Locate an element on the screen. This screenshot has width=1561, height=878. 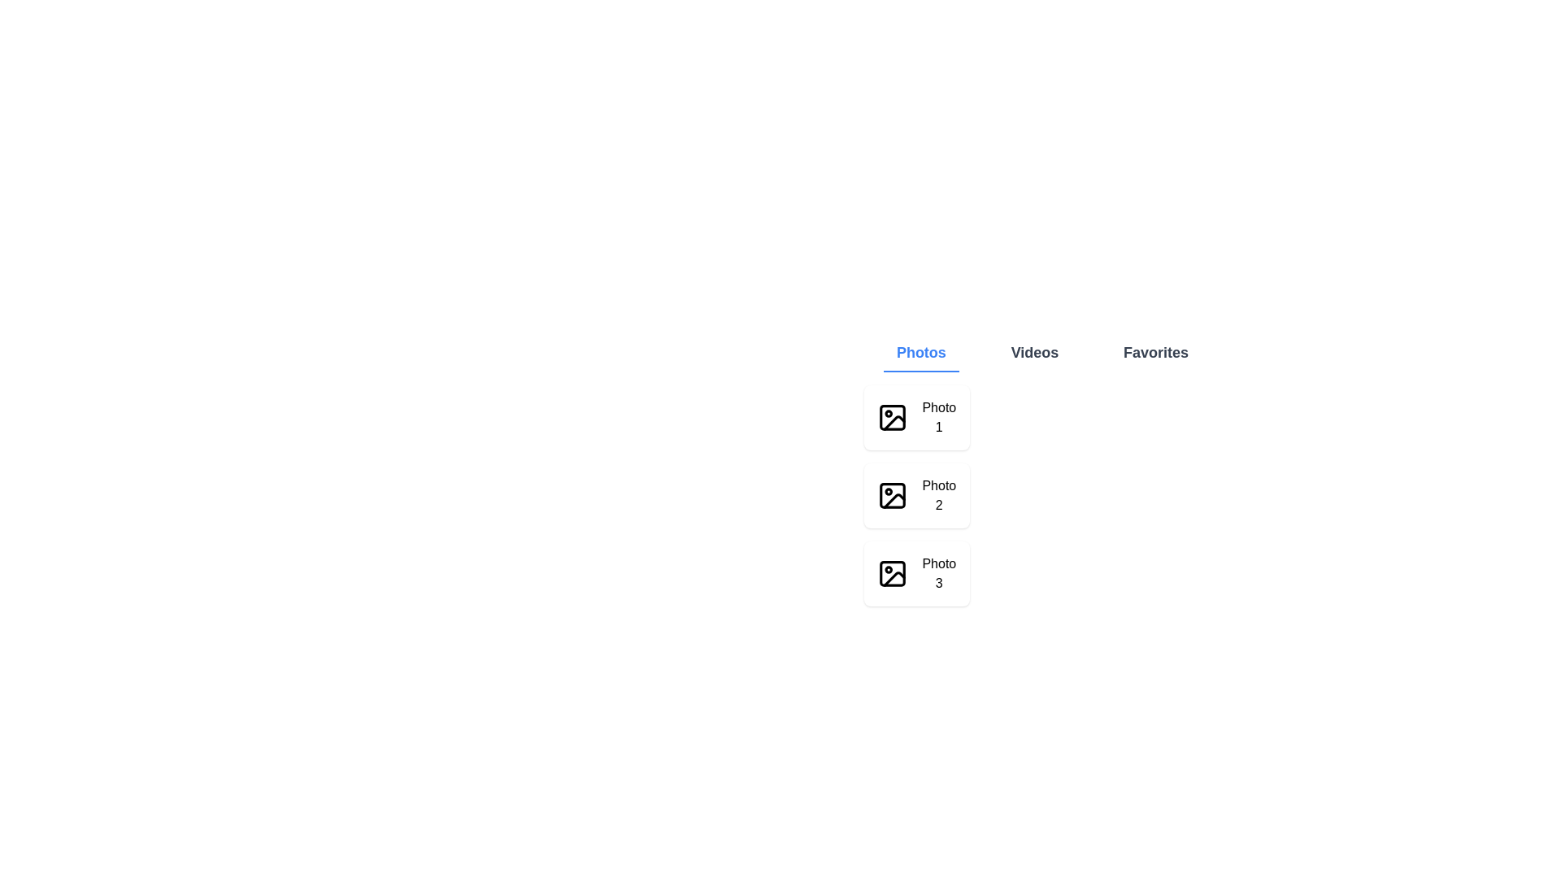
the topmost card labeled 'Photo 1' is located at coordinates (917, 416).